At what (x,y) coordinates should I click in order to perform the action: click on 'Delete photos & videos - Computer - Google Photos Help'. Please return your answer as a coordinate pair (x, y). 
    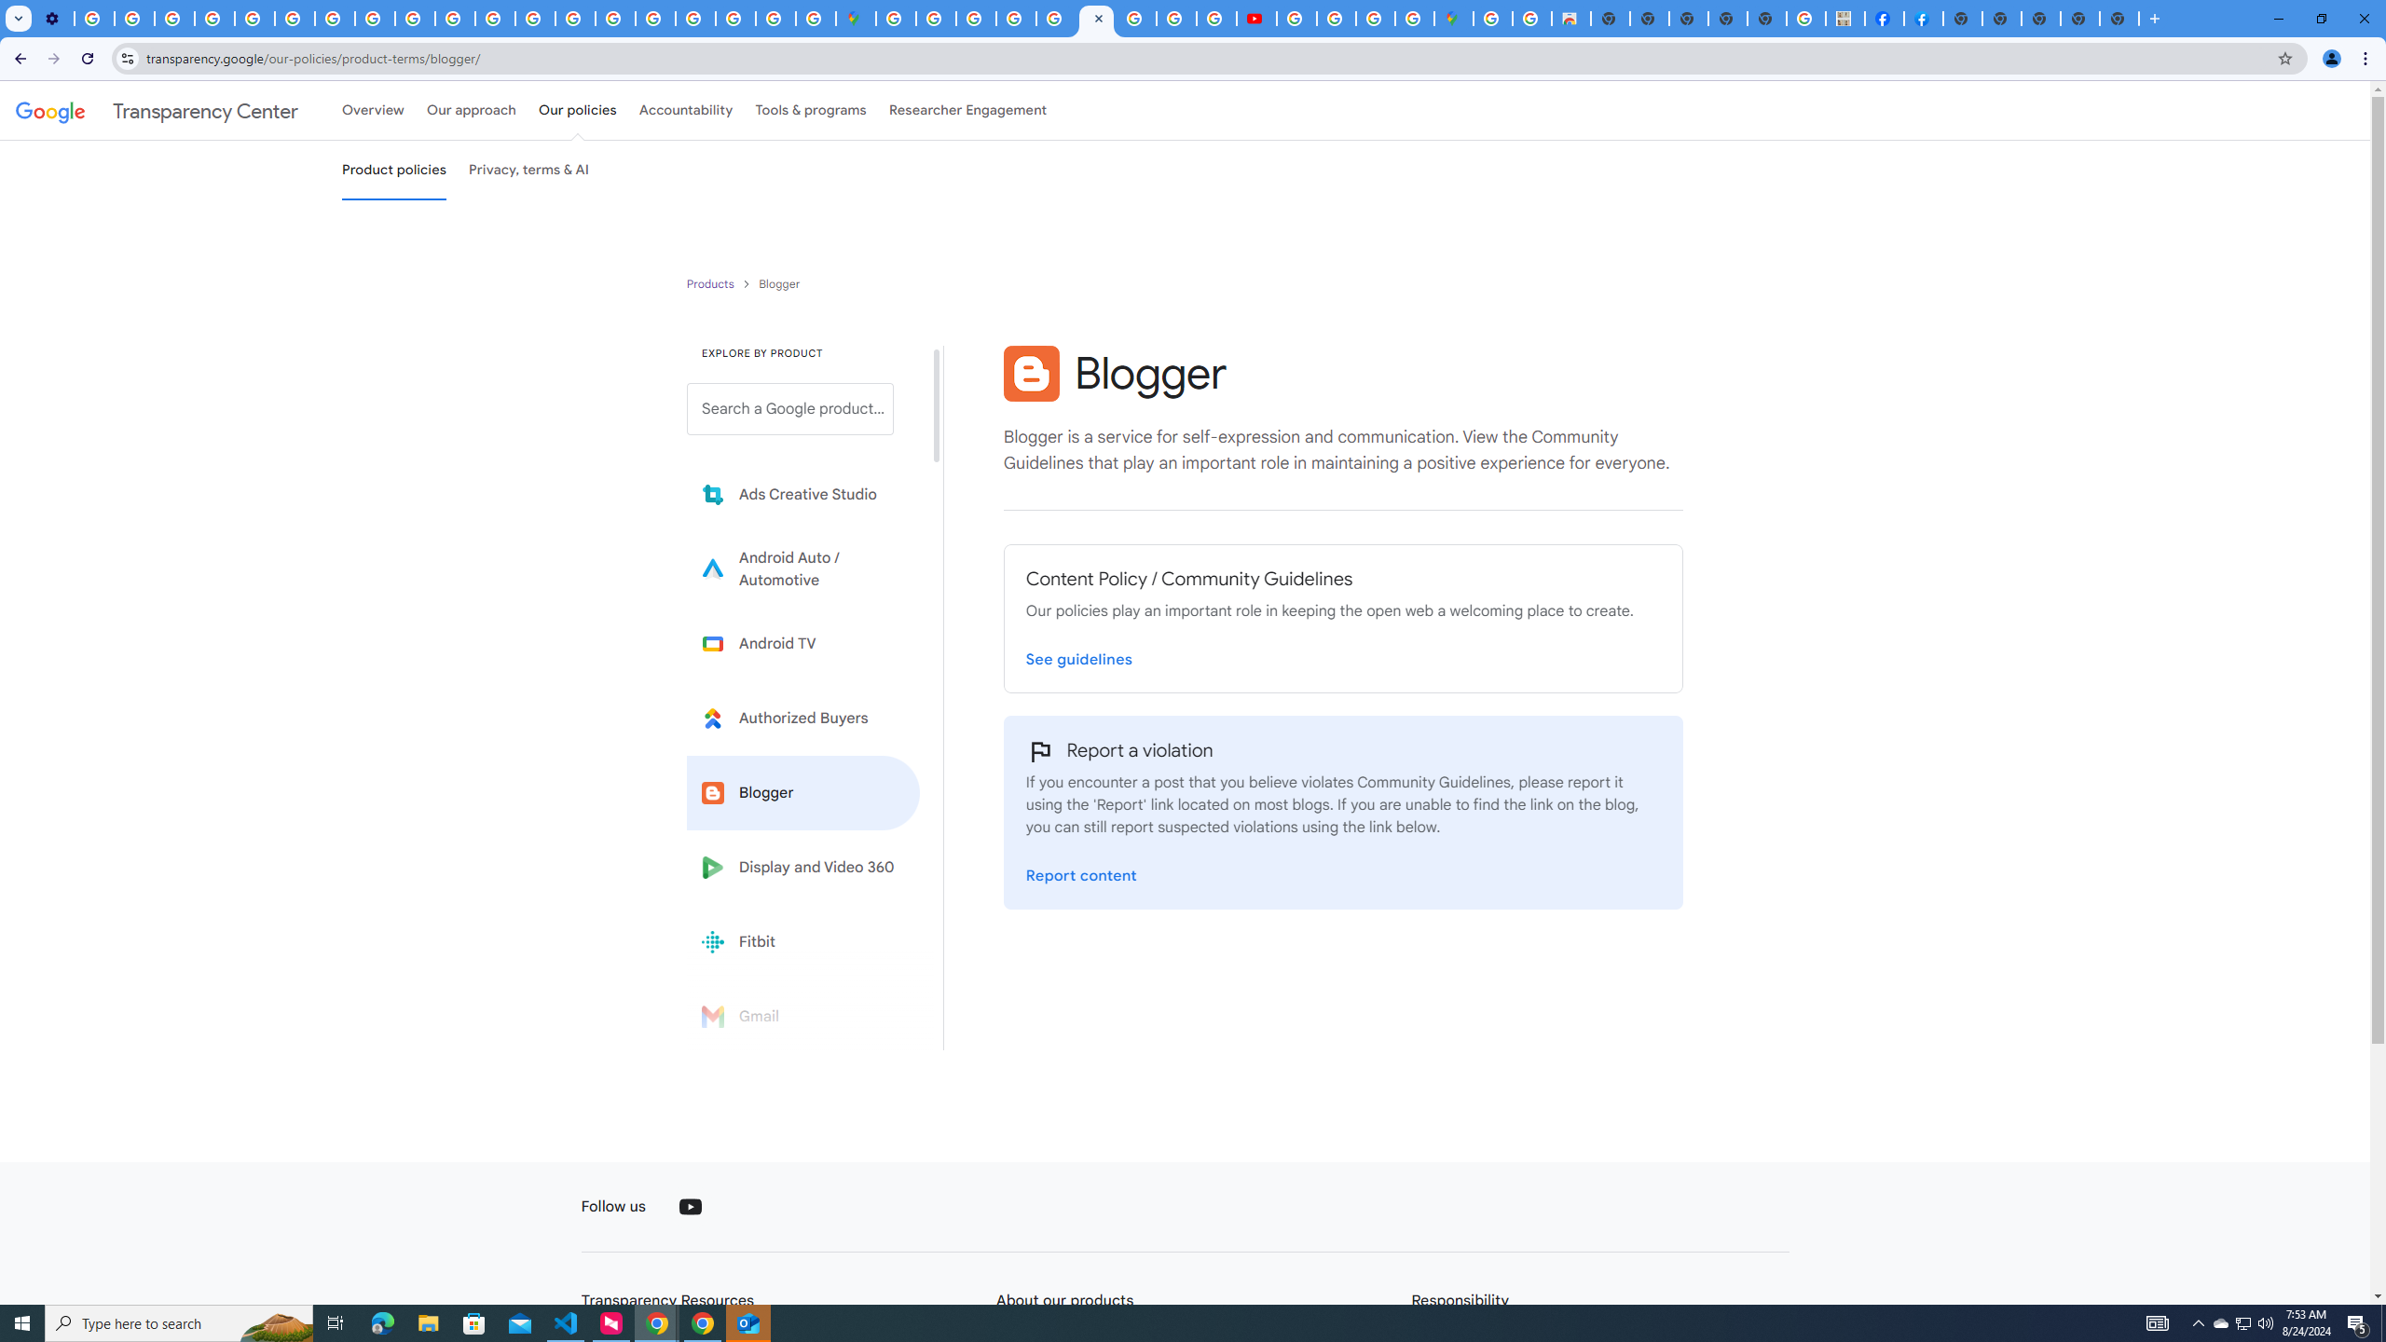
    Looking at the image, I should click on (94, 18).